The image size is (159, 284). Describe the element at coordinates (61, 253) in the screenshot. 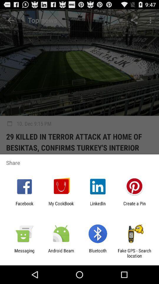

I see `app next to messaging item` at that location.